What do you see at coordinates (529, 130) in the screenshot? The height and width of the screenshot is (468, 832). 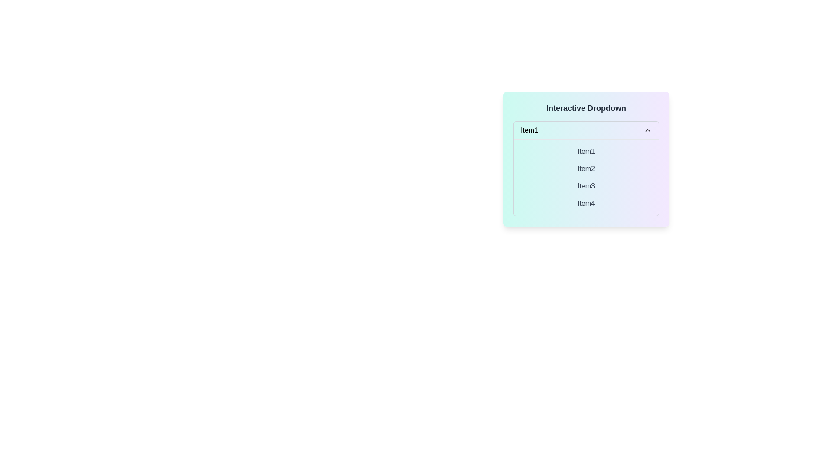 I see `text from the Text Label that displays the currently selected item in the dropdown menu located at the top-left corner of the dropdown options` at bounding box center [529, 130].